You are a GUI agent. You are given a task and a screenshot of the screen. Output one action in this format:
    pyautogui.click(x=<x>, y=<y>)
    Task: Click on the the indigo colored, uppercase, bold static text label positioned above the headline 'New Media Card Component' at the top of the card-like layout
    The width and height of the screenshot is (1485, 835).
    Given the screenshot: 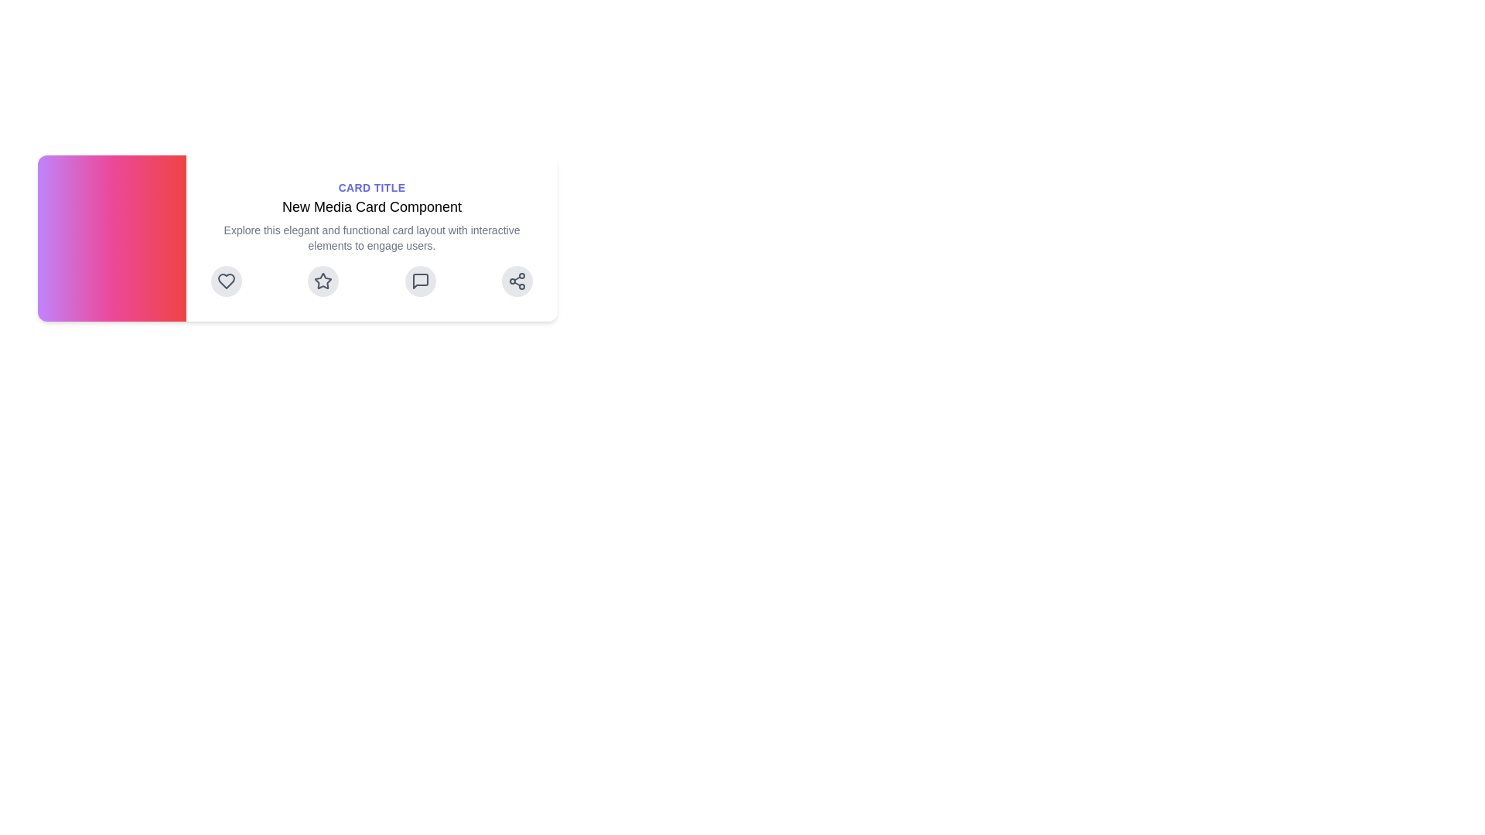 What is the action you would take?
    pyautogui.click(x=371, y=187)
    